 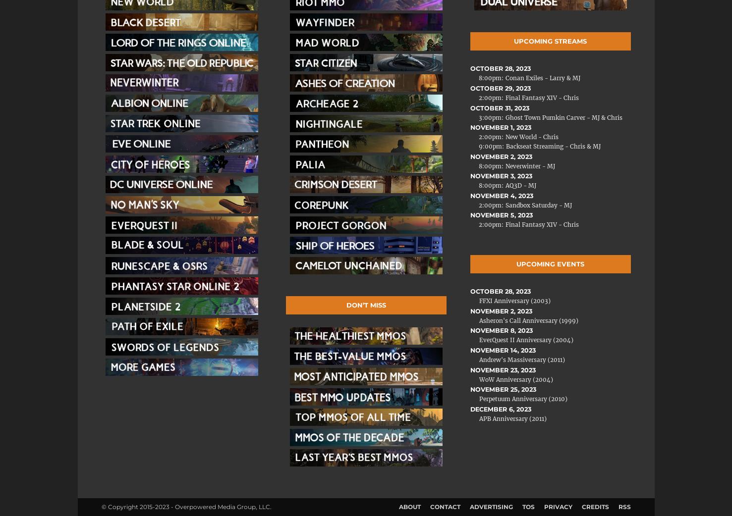 I want to click on 'November 8, 2023', so click(x=501, y=330).